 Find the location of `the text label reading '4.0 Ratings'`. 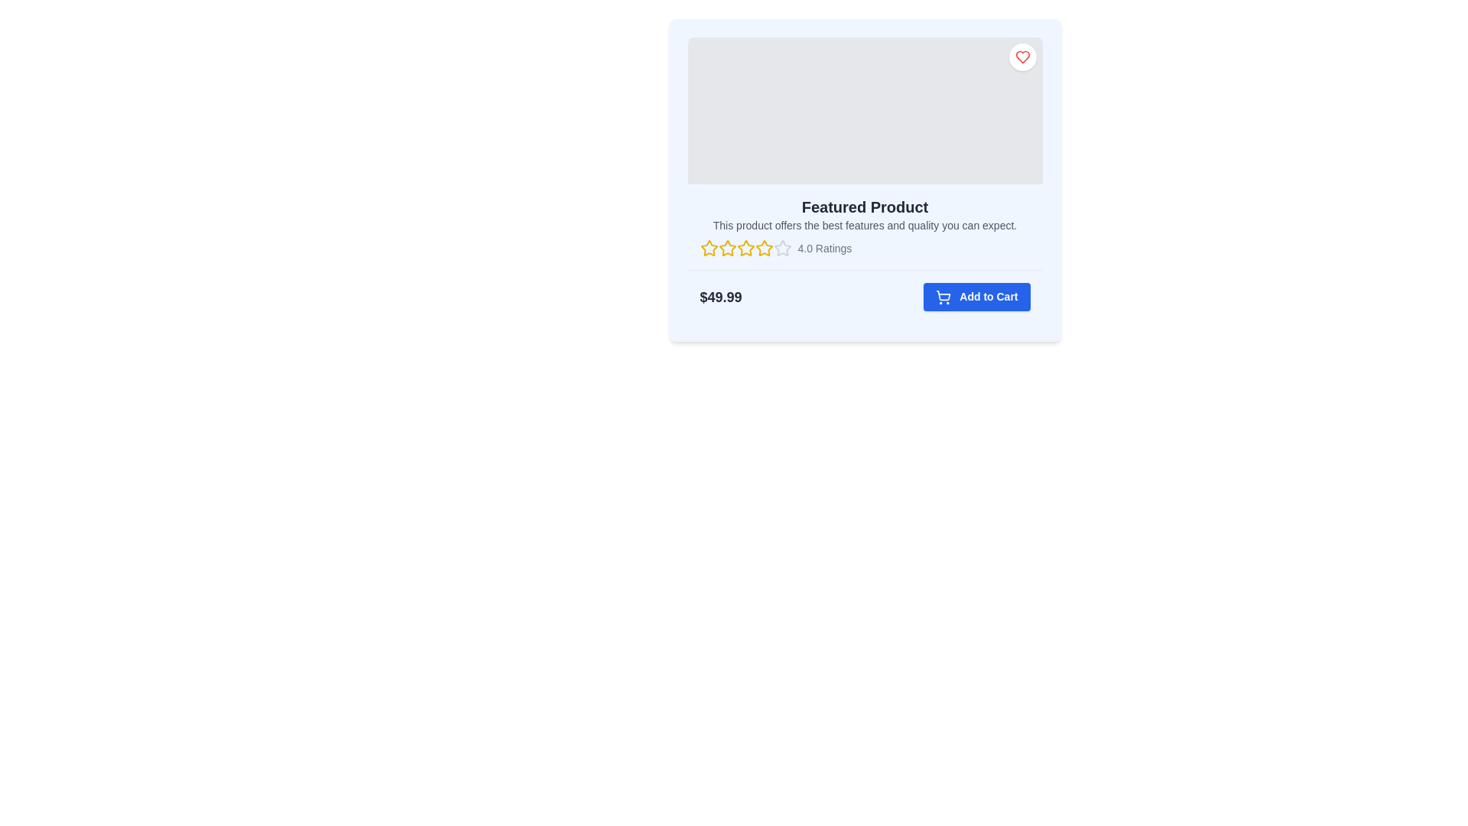

the text label reading '4.0 Ratings' is located at coordinates (823, 247).